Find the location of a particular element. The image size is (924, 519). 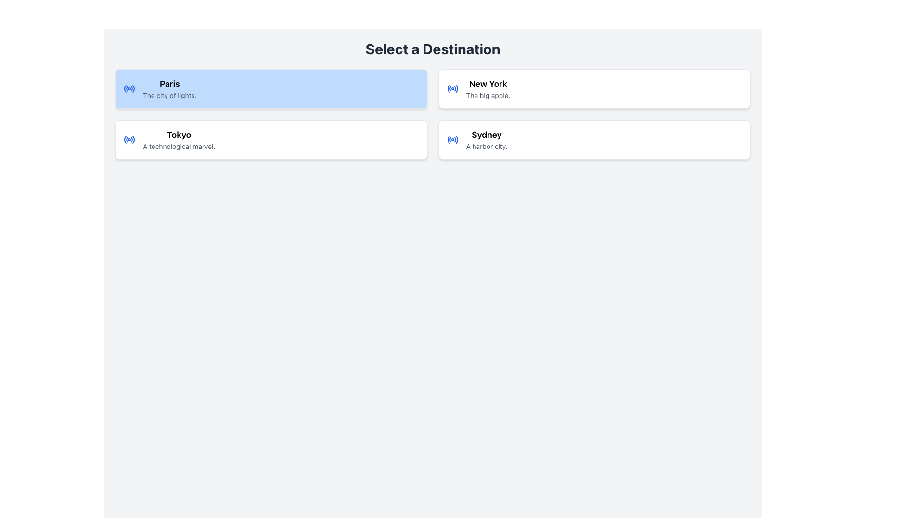

text label for the city card labeled 'Sydney', which is the title for the selection card located in the bottom-right of the grid structure is located at coordinates (487, 135).